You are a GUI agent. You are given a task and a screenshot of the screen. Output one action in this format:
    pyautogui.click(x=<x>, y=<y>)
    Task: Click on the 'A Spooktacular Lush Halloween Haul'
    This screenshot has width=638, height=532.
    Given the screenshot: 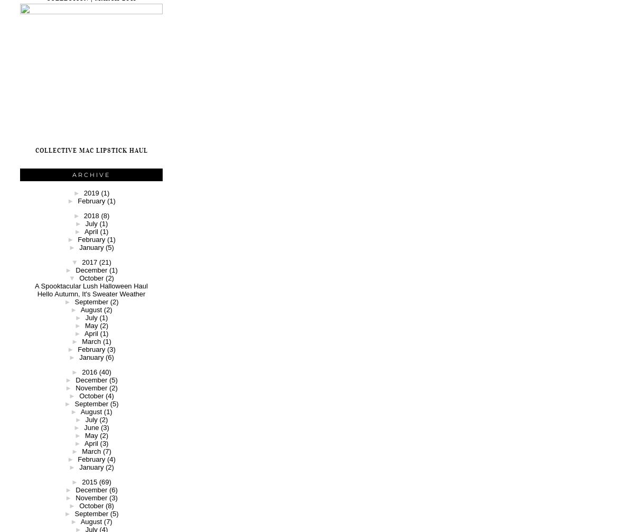 What is the action you would take?
    pyautogui.click(x=91, y=285)
    